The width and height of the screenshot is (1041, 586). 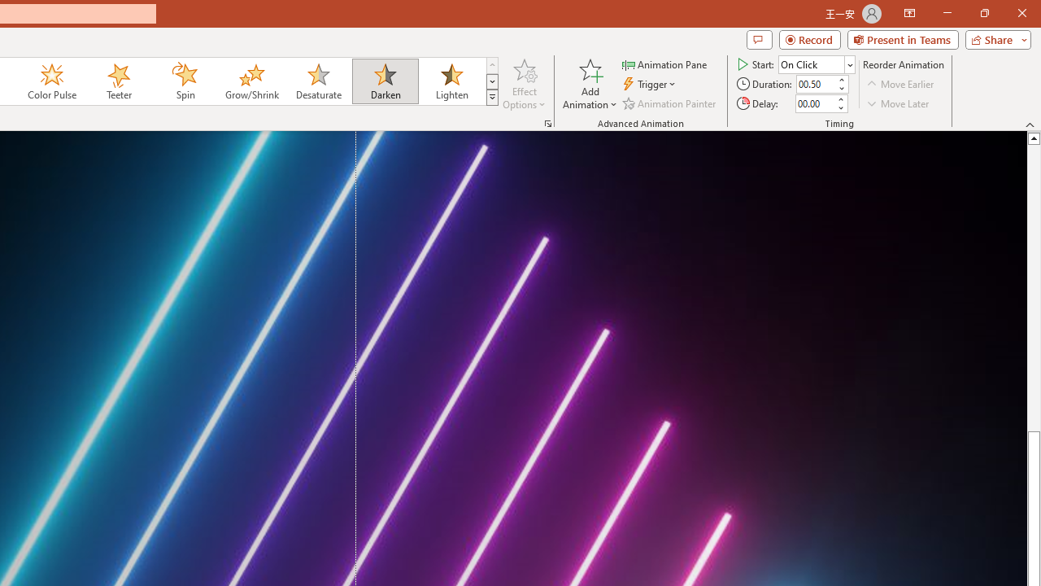 I want to click on 'Darken', so click(x=384, y=81).